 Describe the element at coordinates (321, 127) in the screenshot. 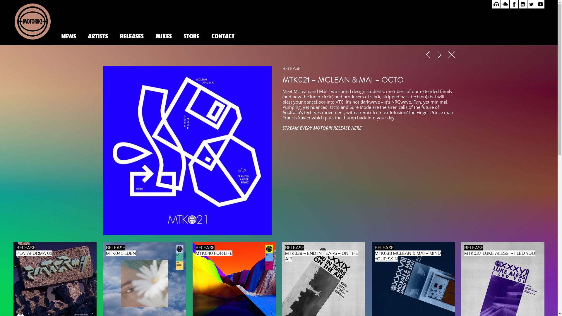

I see `'STREAM EVERY MOTORIK RELEASE HERE'` at that location.